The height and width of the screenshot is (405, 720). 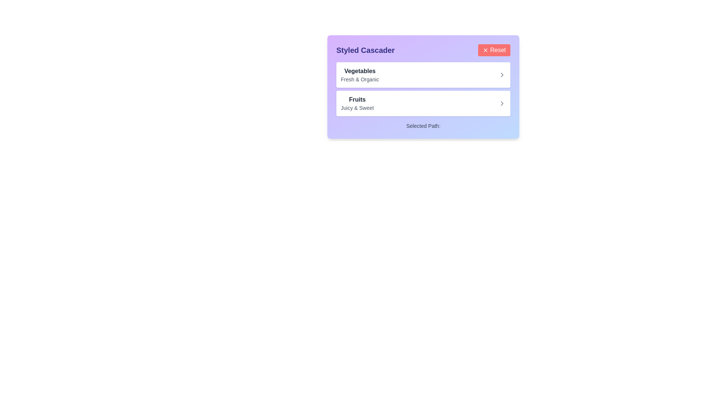 I want to click on the second selectable list item in the cascading navigation menu, so click(x=423, y=103).